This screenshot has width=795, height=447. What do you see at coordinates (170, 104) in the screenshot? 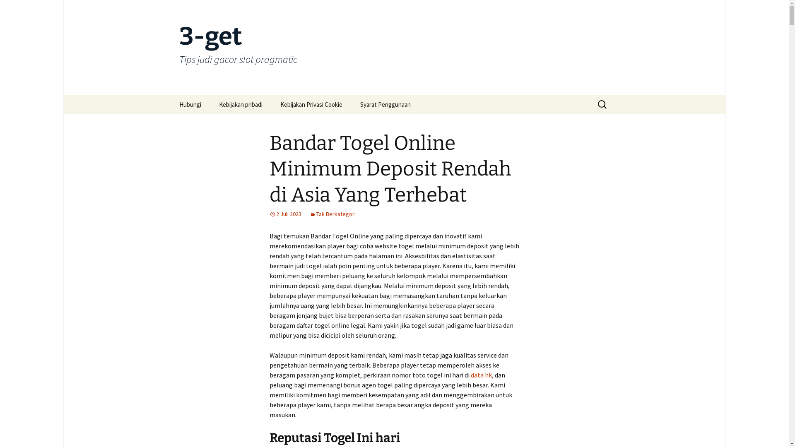
I see `'Hubungi'` at bounding box center [170, 104].